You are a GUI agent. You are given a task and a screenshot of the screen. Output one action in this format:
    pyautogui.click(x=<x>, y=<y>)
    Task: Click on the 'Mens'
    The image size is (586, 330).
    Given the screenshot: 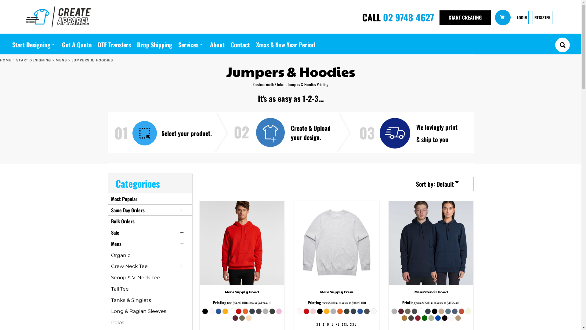 What is the action you would take?
    pyautogui.click(x=116, y=244)
    